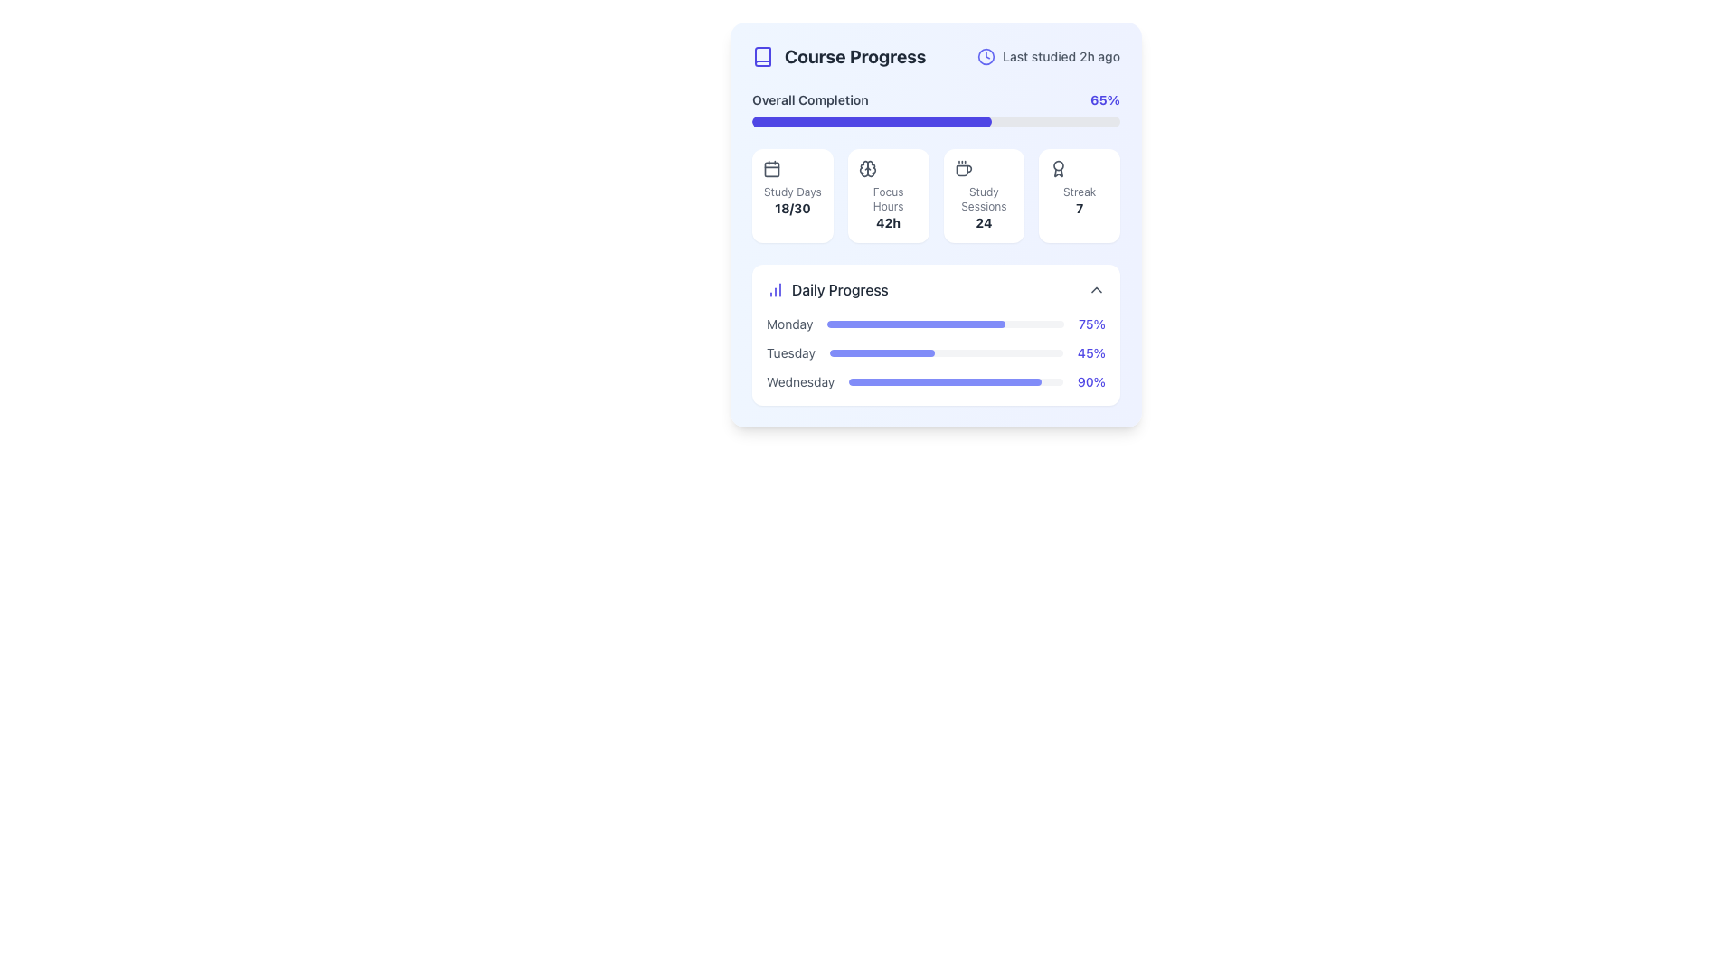 This screenshot has width=1736, height=976. What do you see at coordinates (1080, 192) in the screenshot?
I see `the text label indicating a streak count, which is positioned above the number '7' and aligned with an award icon` at bounding box center [1080, 192].